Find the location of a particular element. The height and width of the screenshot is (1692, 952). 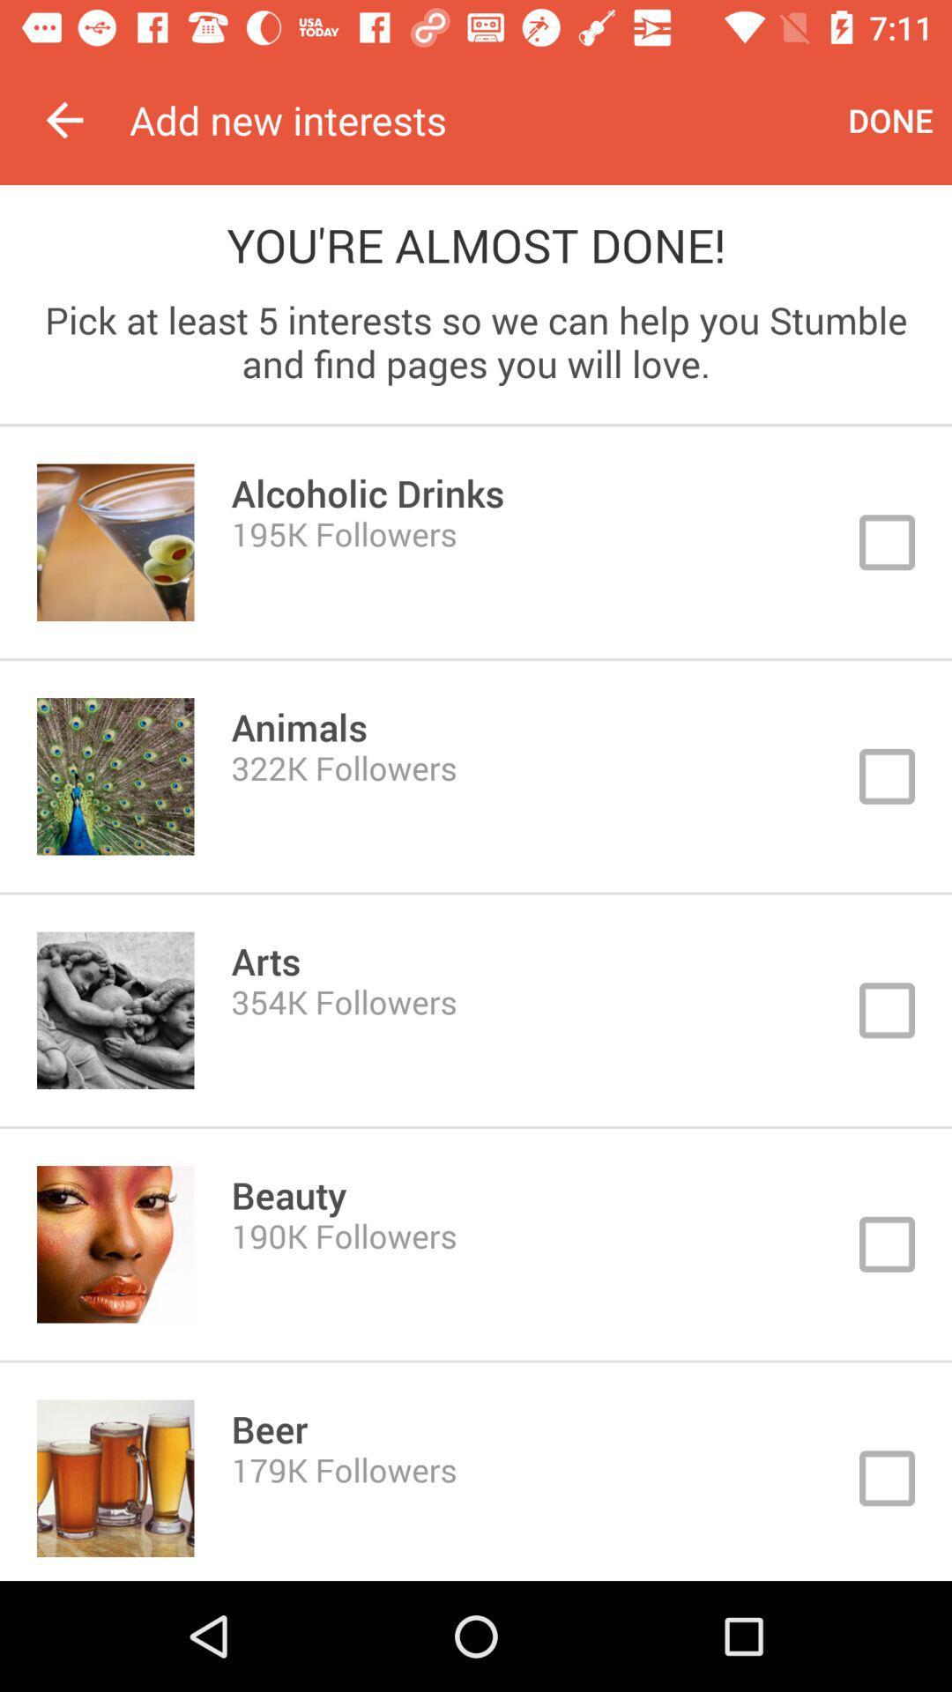

animals is located at coordinates (476, 775).